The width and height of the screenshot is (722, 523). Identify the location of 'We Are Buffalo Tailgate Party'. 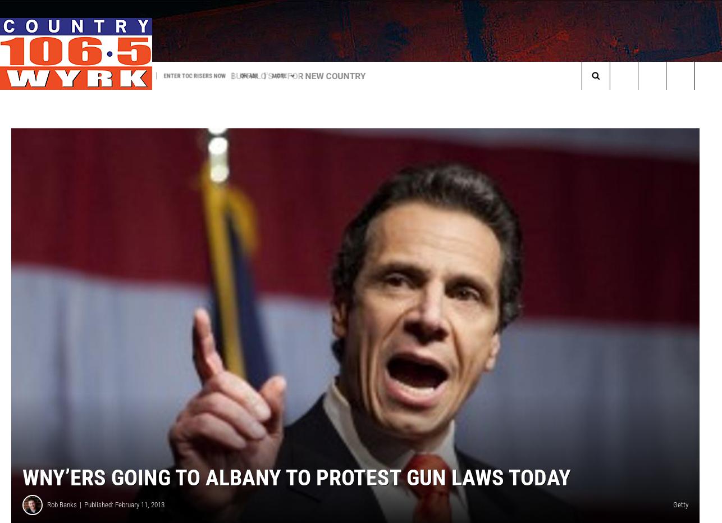
(107, 98).